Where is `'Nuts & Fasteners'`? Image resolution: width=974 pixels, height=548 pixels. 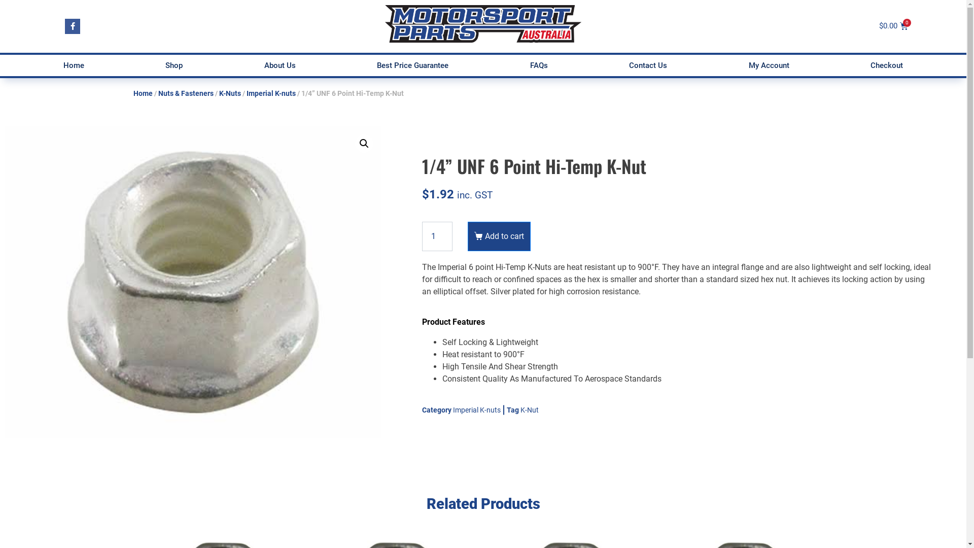 'Nuts & Fasteners' is located at coordinates (186, 93).